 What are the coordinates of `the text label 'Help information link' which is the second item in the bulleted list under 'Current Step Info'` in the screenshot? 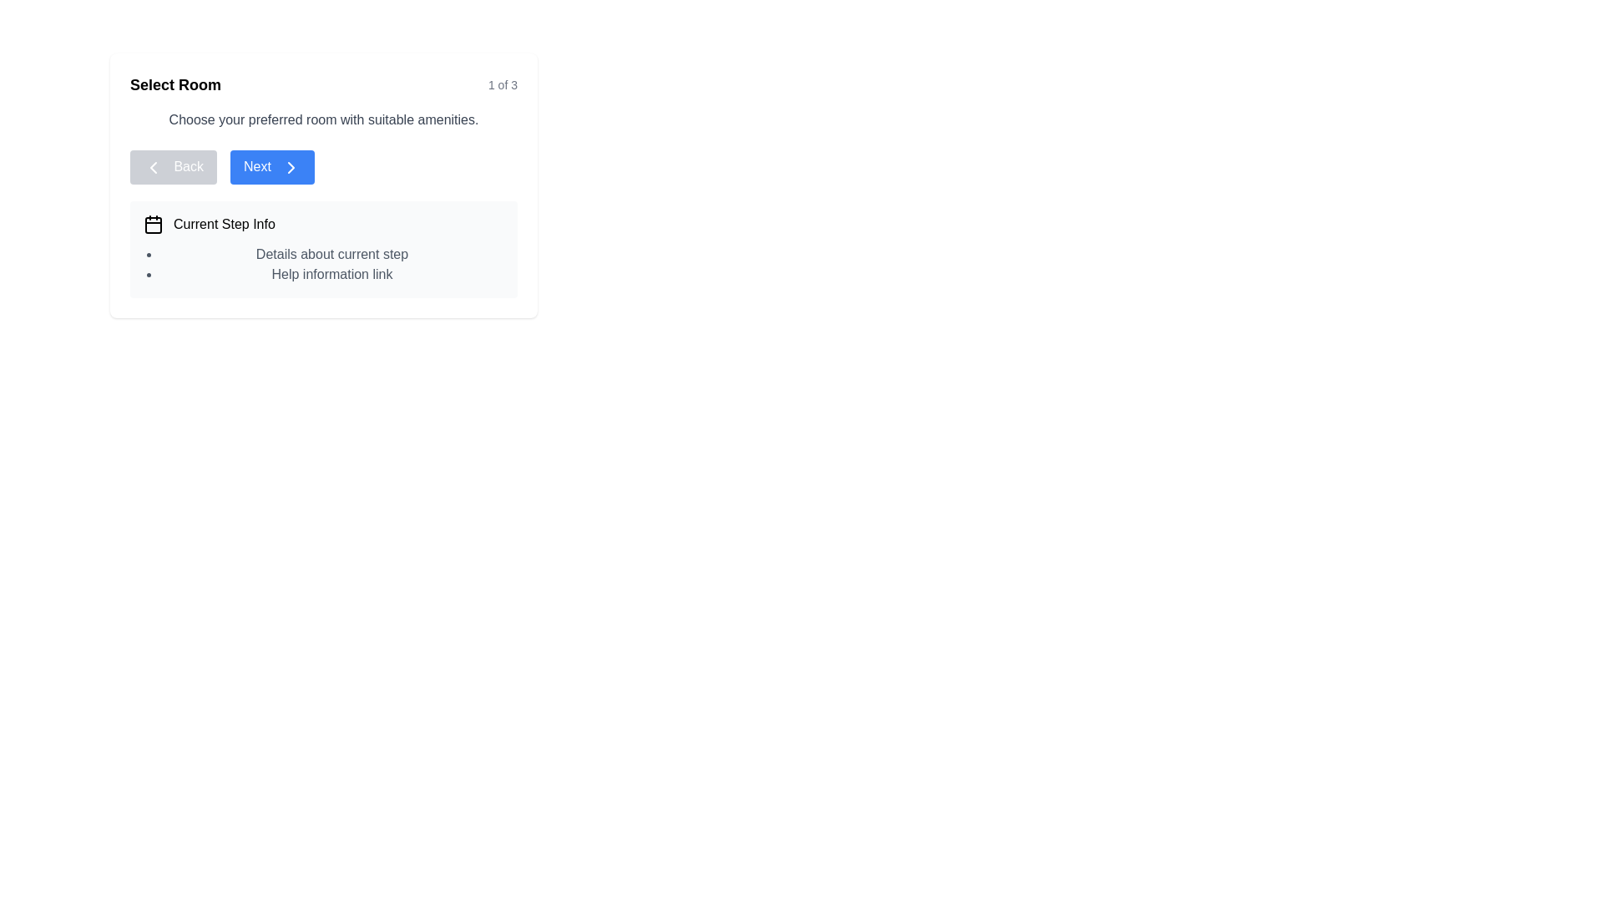 It's located at (332, 272).